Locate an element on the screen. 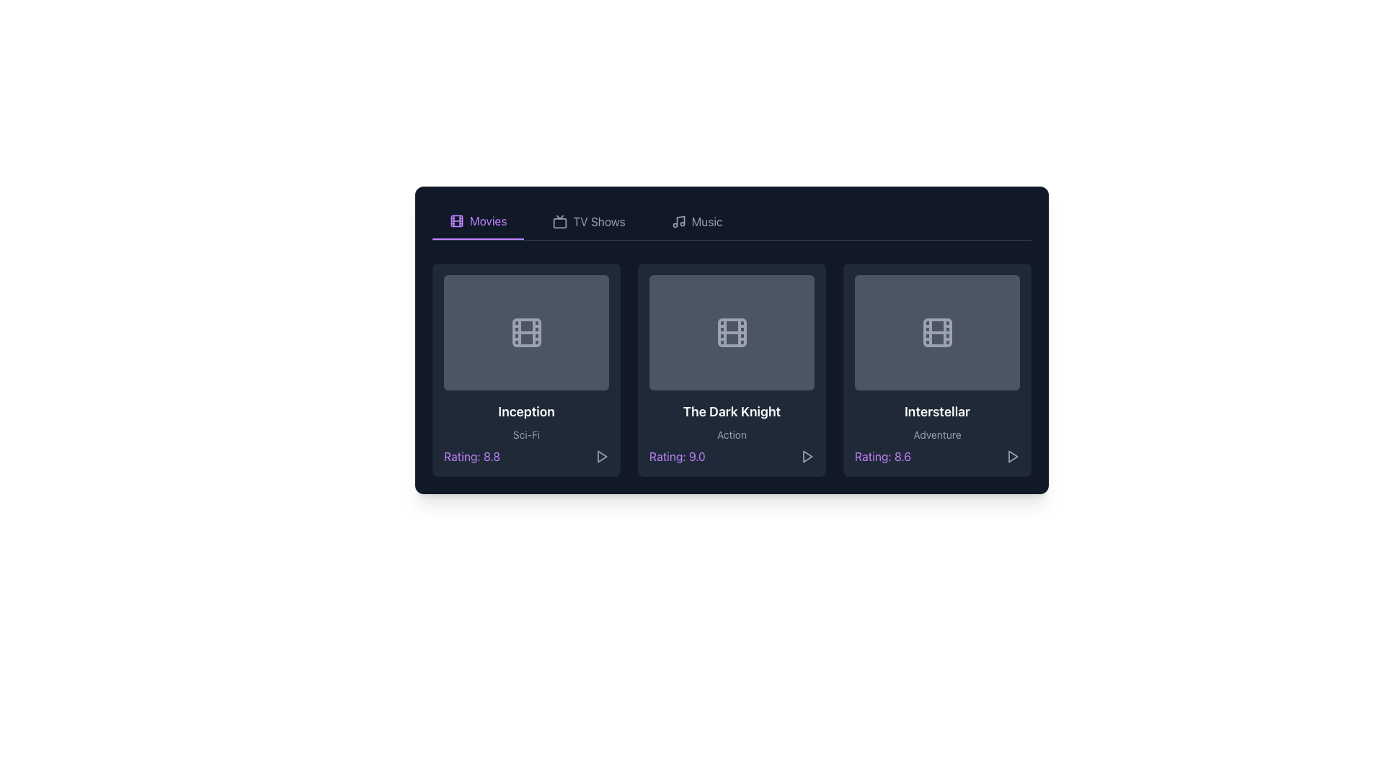 The width and height of the screenshot is (1384, 778). the 'TV Shows' section is located at coordinates (559, 222).